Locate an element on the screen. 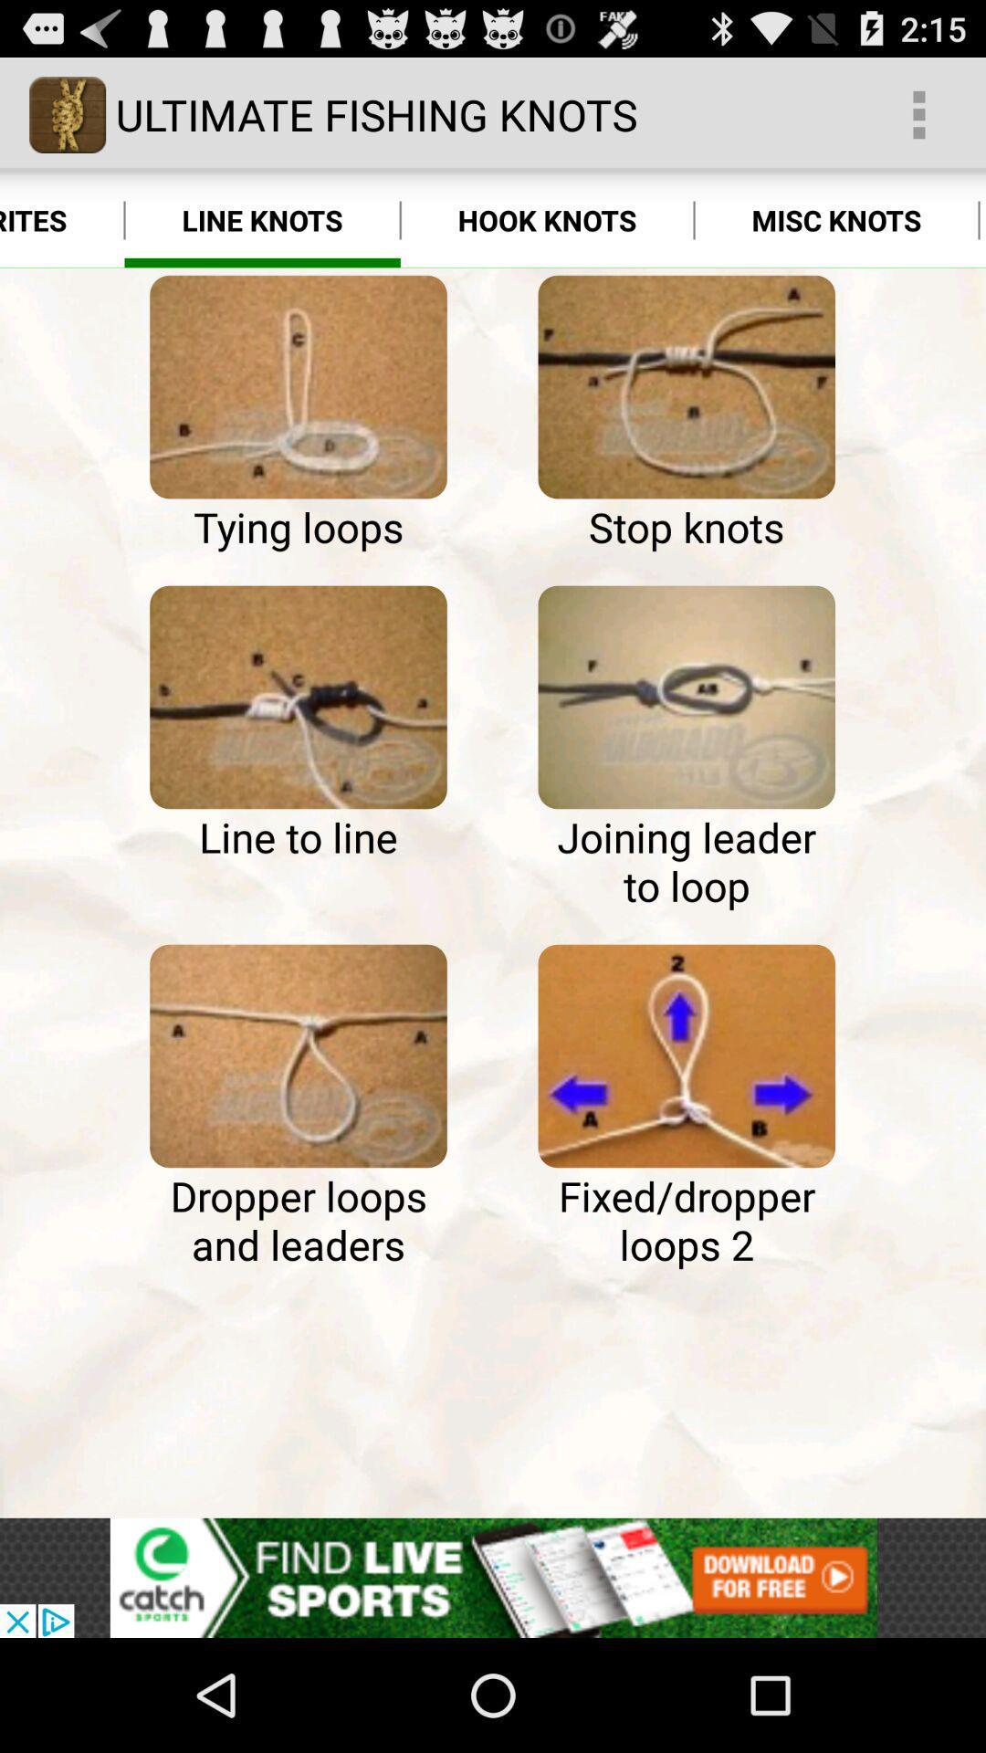 The height and width of the screenshot is (1753, 986). typing of the option is located at coordinates (298, 386).